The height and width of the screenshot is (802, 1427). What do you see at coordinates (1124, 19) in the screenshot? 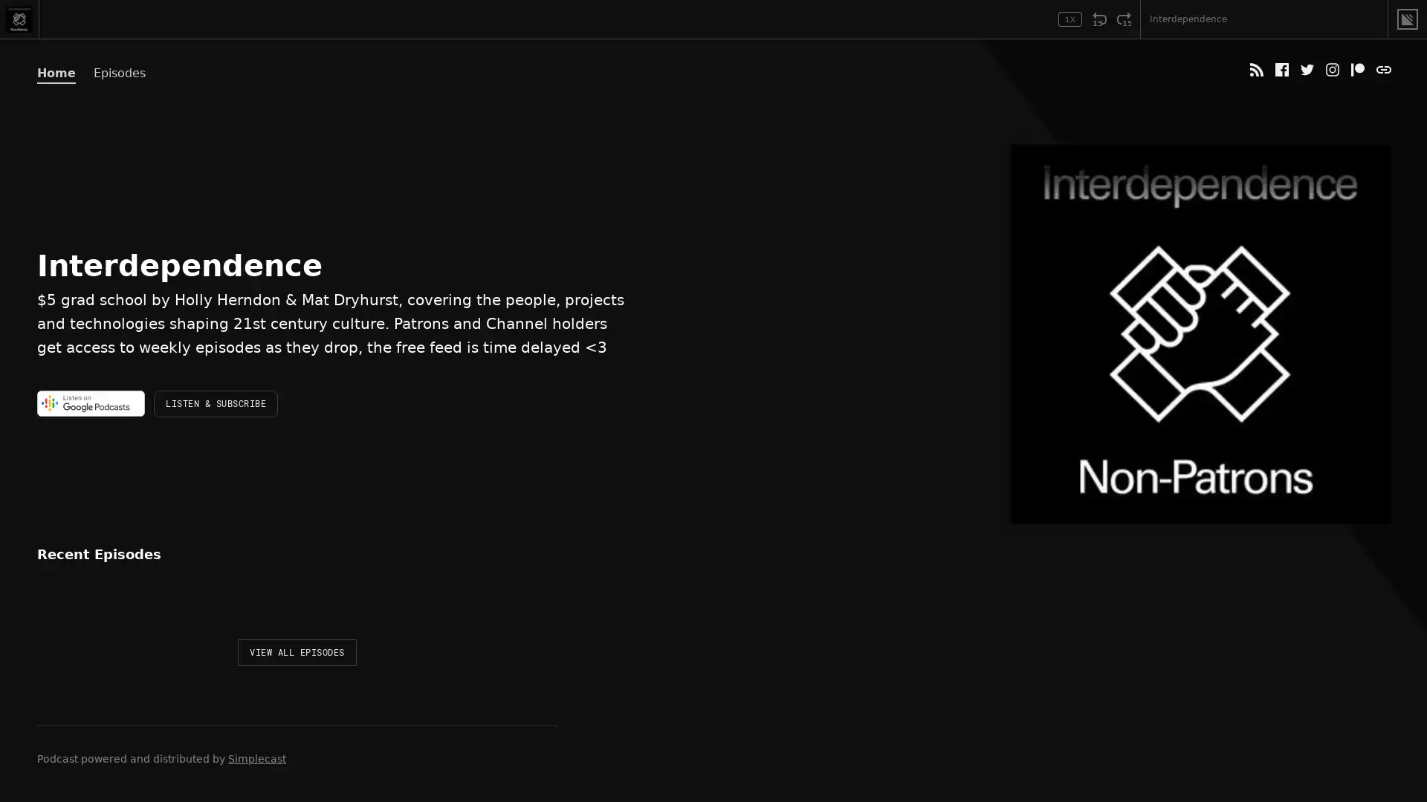
I see `Fast Forward 15 Seconds` at bounding box center [1124, 19].